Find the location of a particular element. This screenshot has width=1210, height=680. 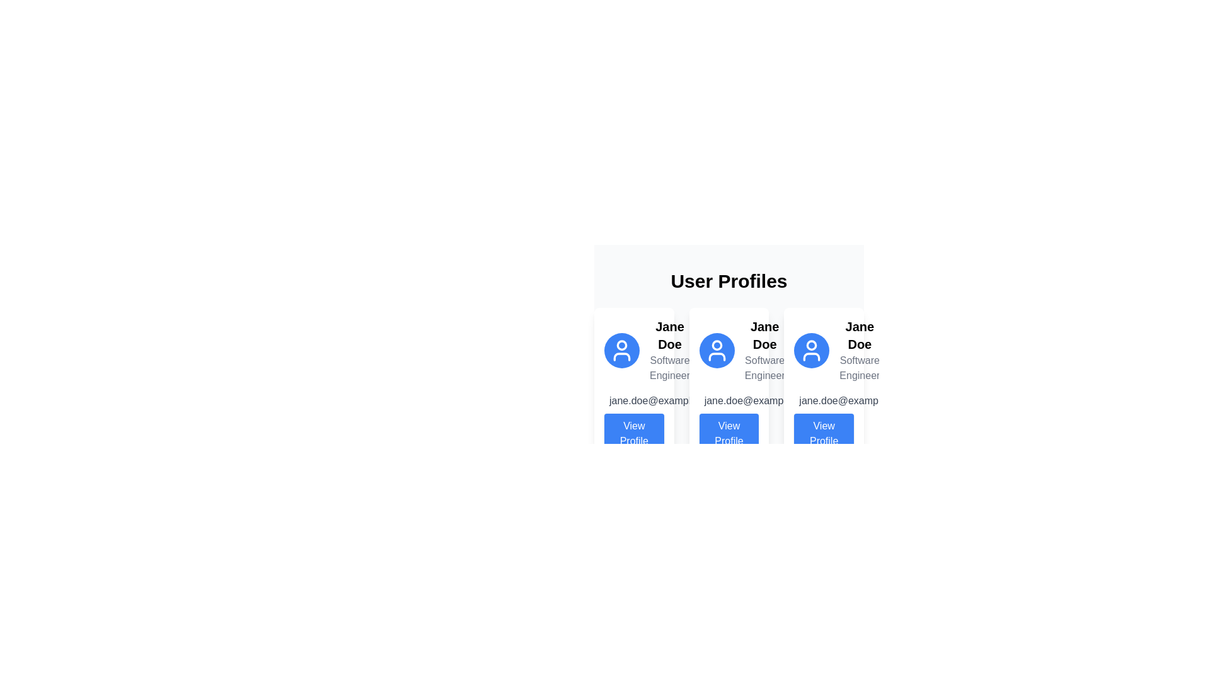

name displayed at the top of the first profile card in the horizontal list, which serves as the title or name for the individual is located at coordinates (669, 334).